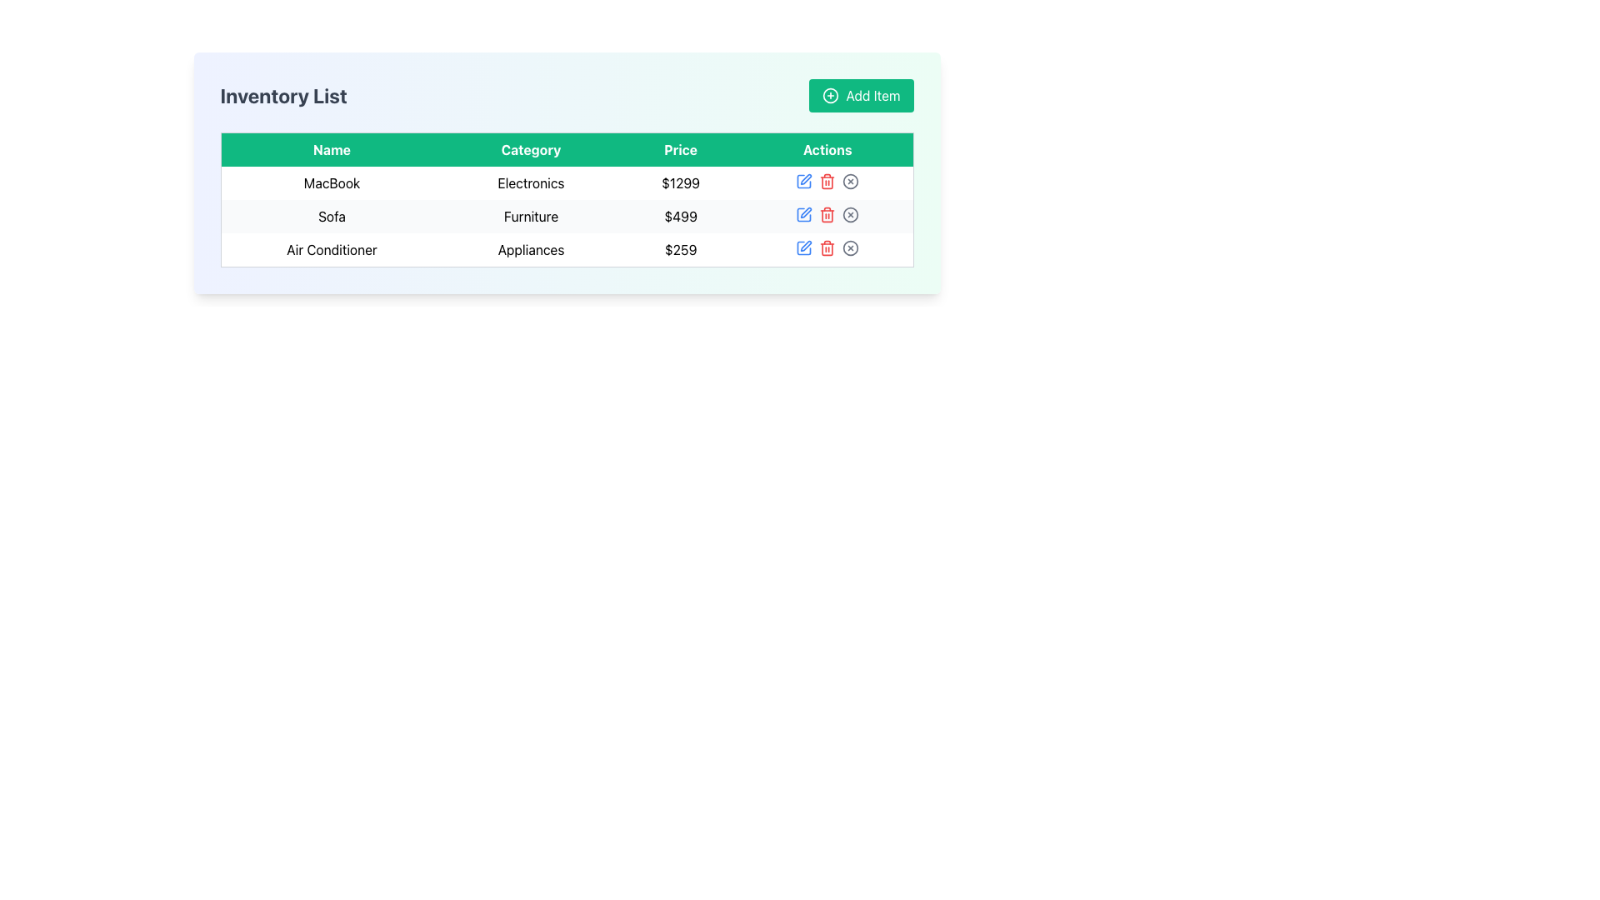 Image resolution: width=1600 pixels, height=900 pixels. What do you see at coordinates (804, 214) in the screenshot?
I see `the 'edit' icon in the 'Actions' column of the table row associated with the 'Sofa' item, which is positioned between the 'trash' and 'add' icons` at bounding box center [804, 214].